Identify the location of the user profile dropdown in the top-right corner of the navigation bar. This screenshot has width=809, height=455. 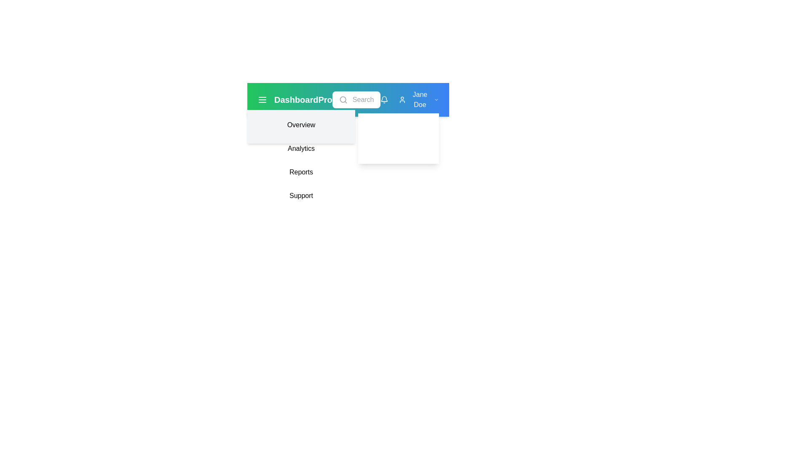
(410, 99).